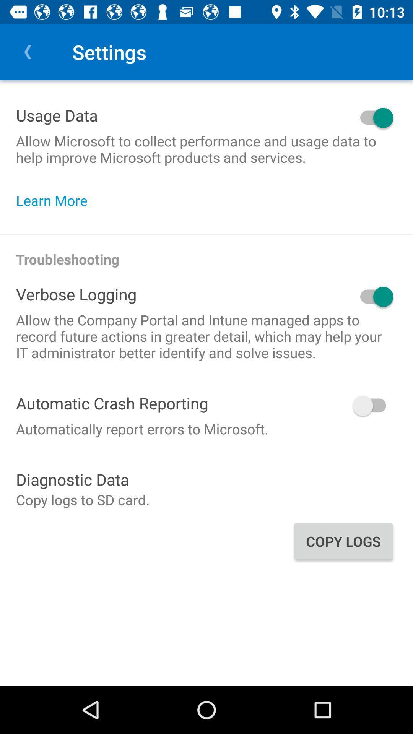  I want to click on icon on the right side of verbose logging, so click(266, 296).